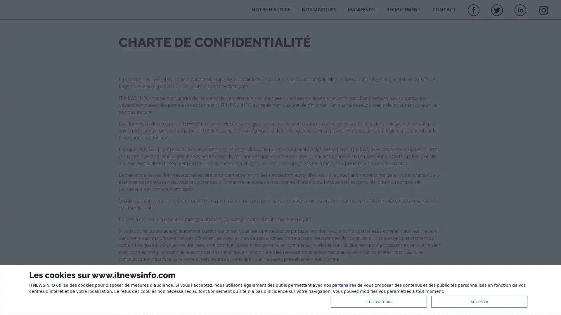 Image resolution: width=561 pixels, height=315 pixels. I want to click on ACCEPTER, so click(479, 302).